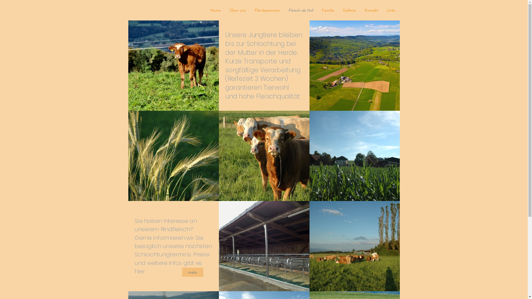 The width and height of the screenshot is (532, 299). What do you see at coordinates (371, 10) in the screenshot?
I see `'Kontakt'` at bounding box center [371, 10].